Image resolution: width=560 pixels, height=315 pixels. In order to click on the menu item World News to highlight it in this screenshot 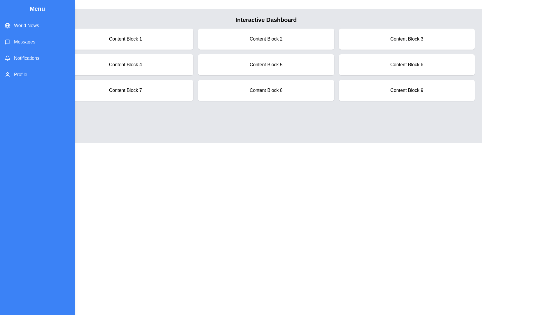, I will do `click(37, 25)`.